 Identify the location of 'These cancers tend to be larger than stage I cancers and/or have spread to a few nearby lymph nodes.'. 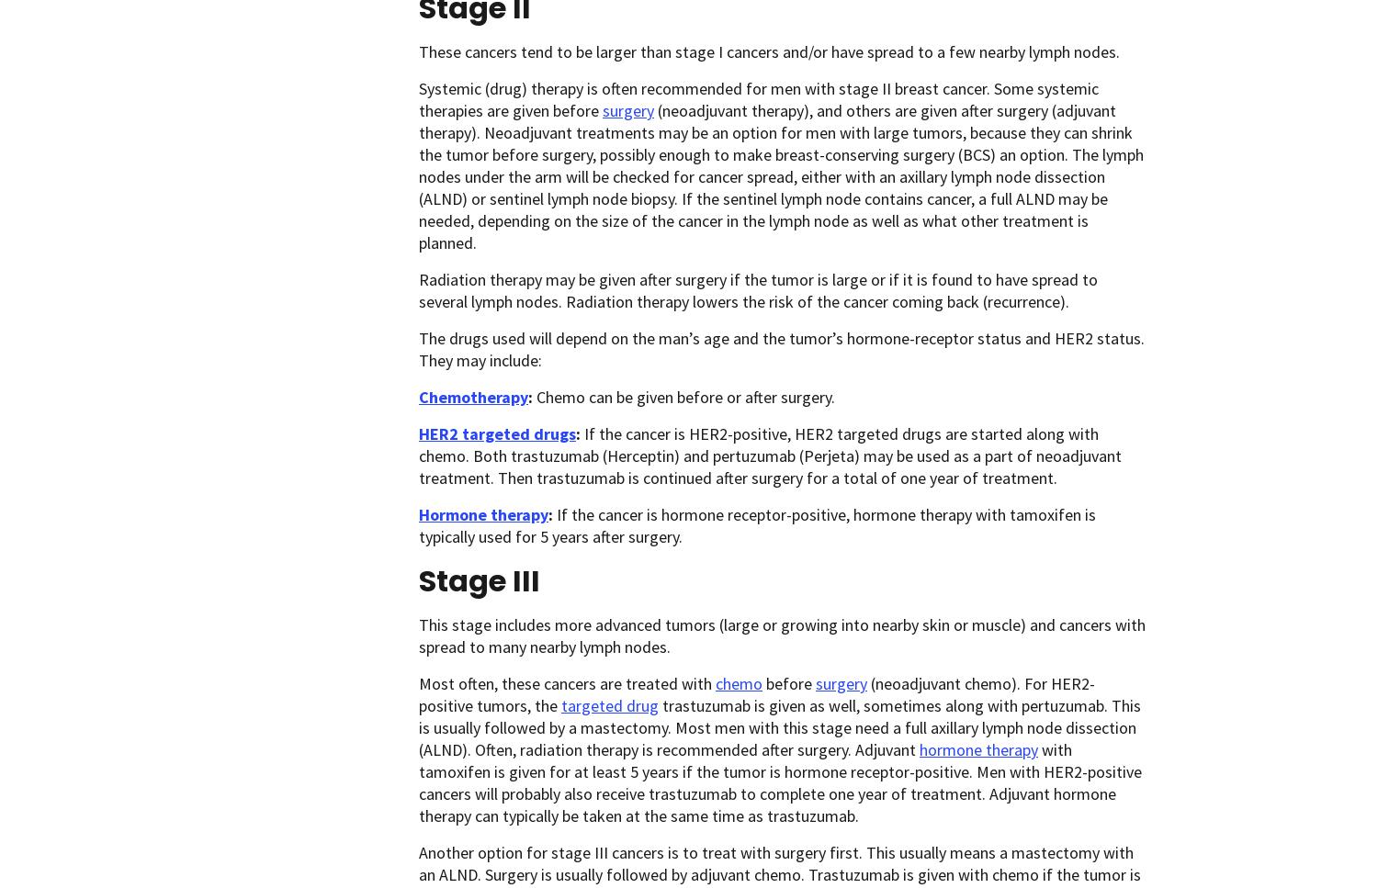
(768, 51).